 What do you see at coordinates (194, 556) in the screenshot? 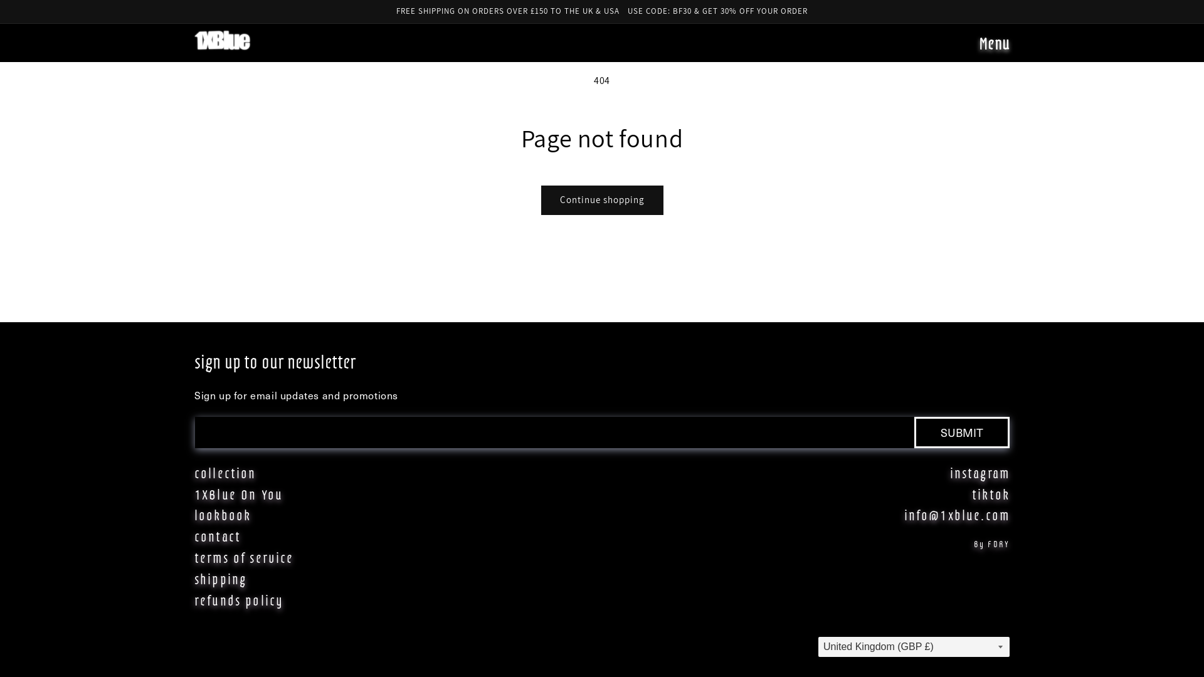
I see `'terms of service'` at bounding box center [194, 556].